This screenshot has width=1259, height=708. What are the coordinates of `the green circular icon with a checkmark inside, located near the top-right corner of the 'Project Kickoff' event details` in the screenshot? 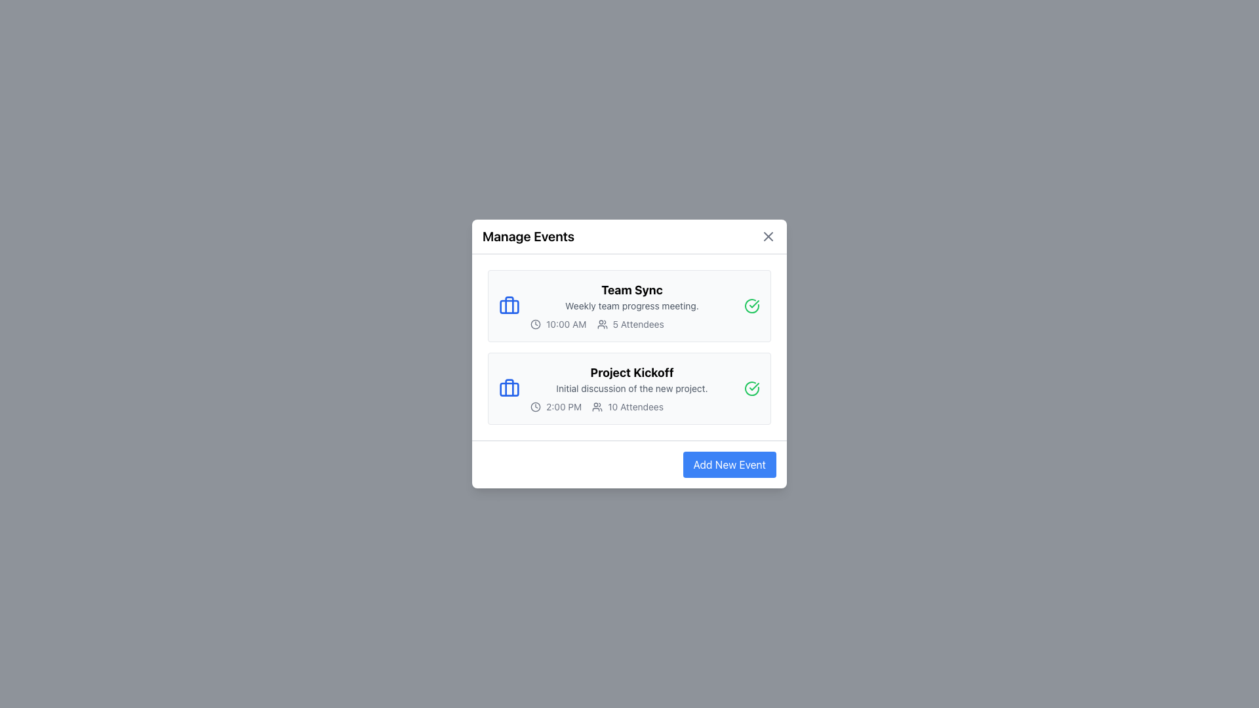 It's located at (752, 388).